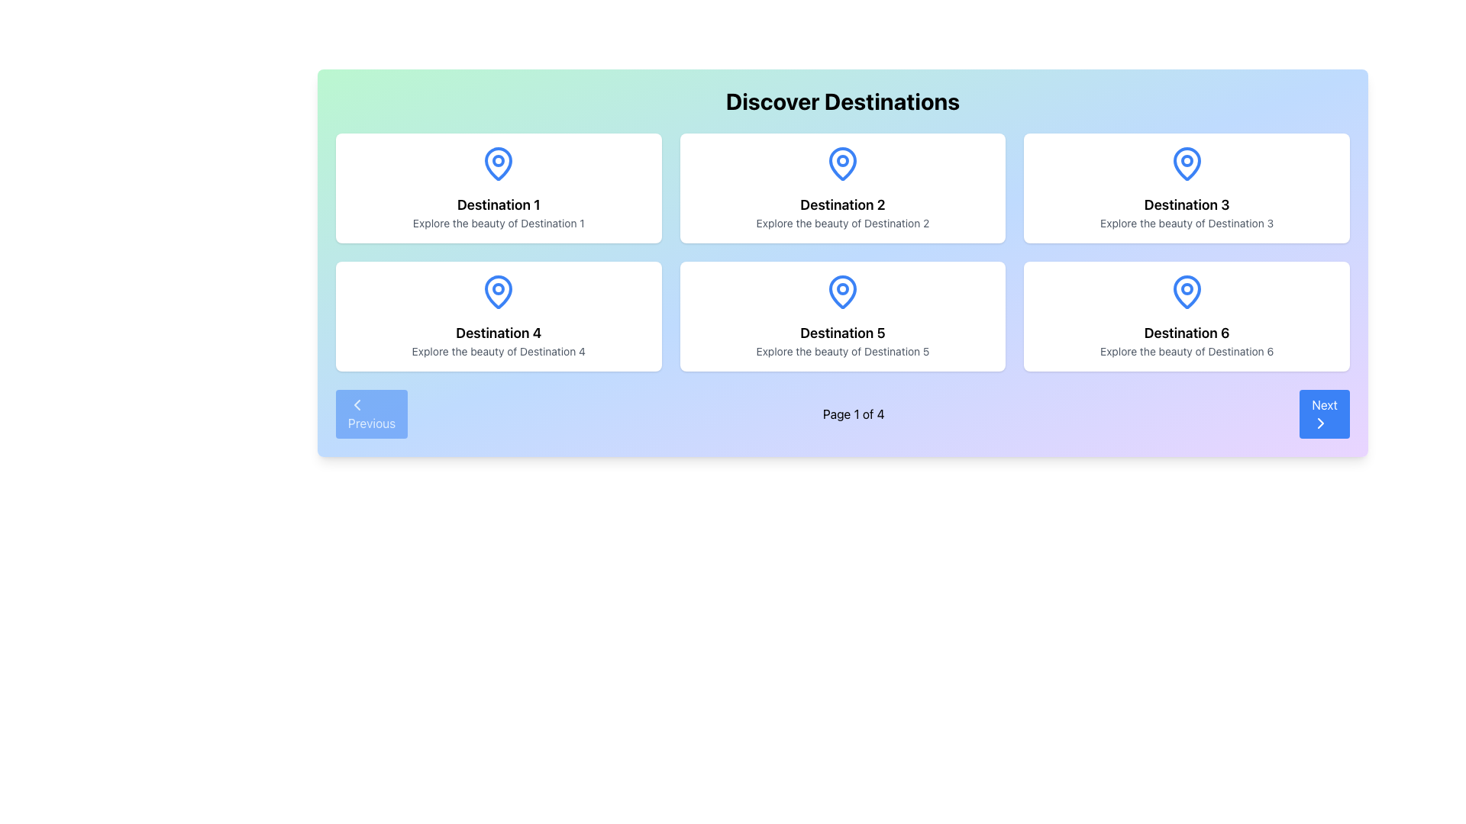  I want to click on the blue pin icon located at the top-center of the card labeled 'Destination 4', so click(499, 291).